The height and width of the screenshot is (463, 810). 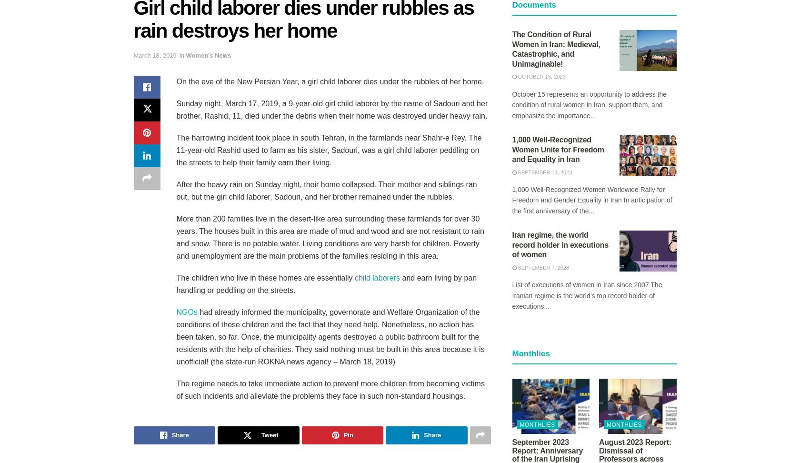 I want to click on 'The harrowing incident took place in south Tehran, in the farmlands near Shahr-e Rey. The 11-year-old Rashid used to farm as his sister, Sadouri, was a girl child laborer peddling on the streets to help their family earn their living.', so click(x=328, y=149).